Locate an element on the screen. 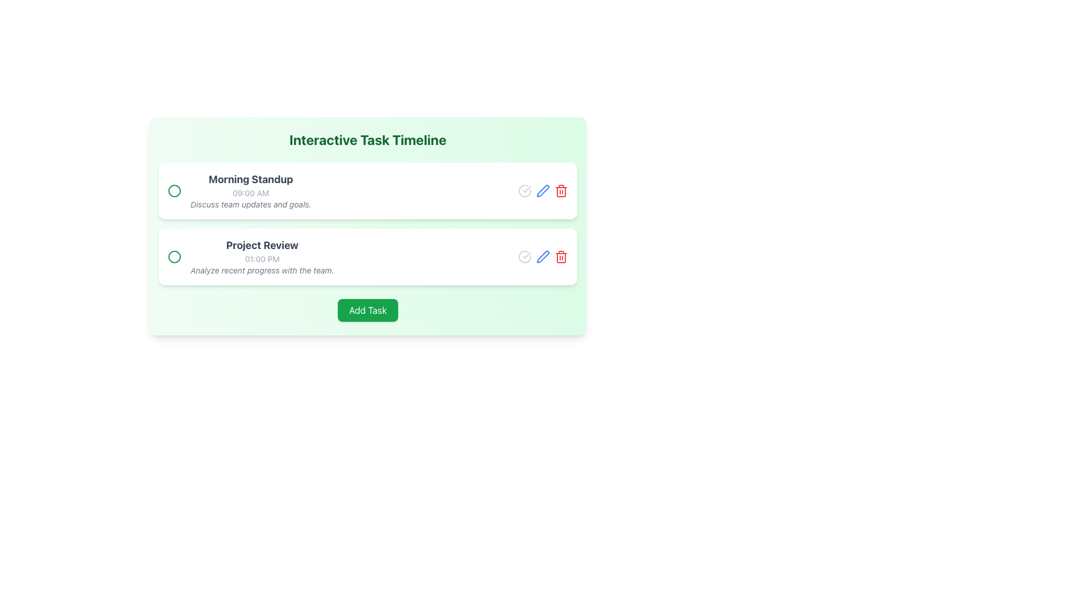 The height and width of the screenshot is (614, 1092). the task cards within the Interactive Task Timeline is located at coordinates (368, 226).